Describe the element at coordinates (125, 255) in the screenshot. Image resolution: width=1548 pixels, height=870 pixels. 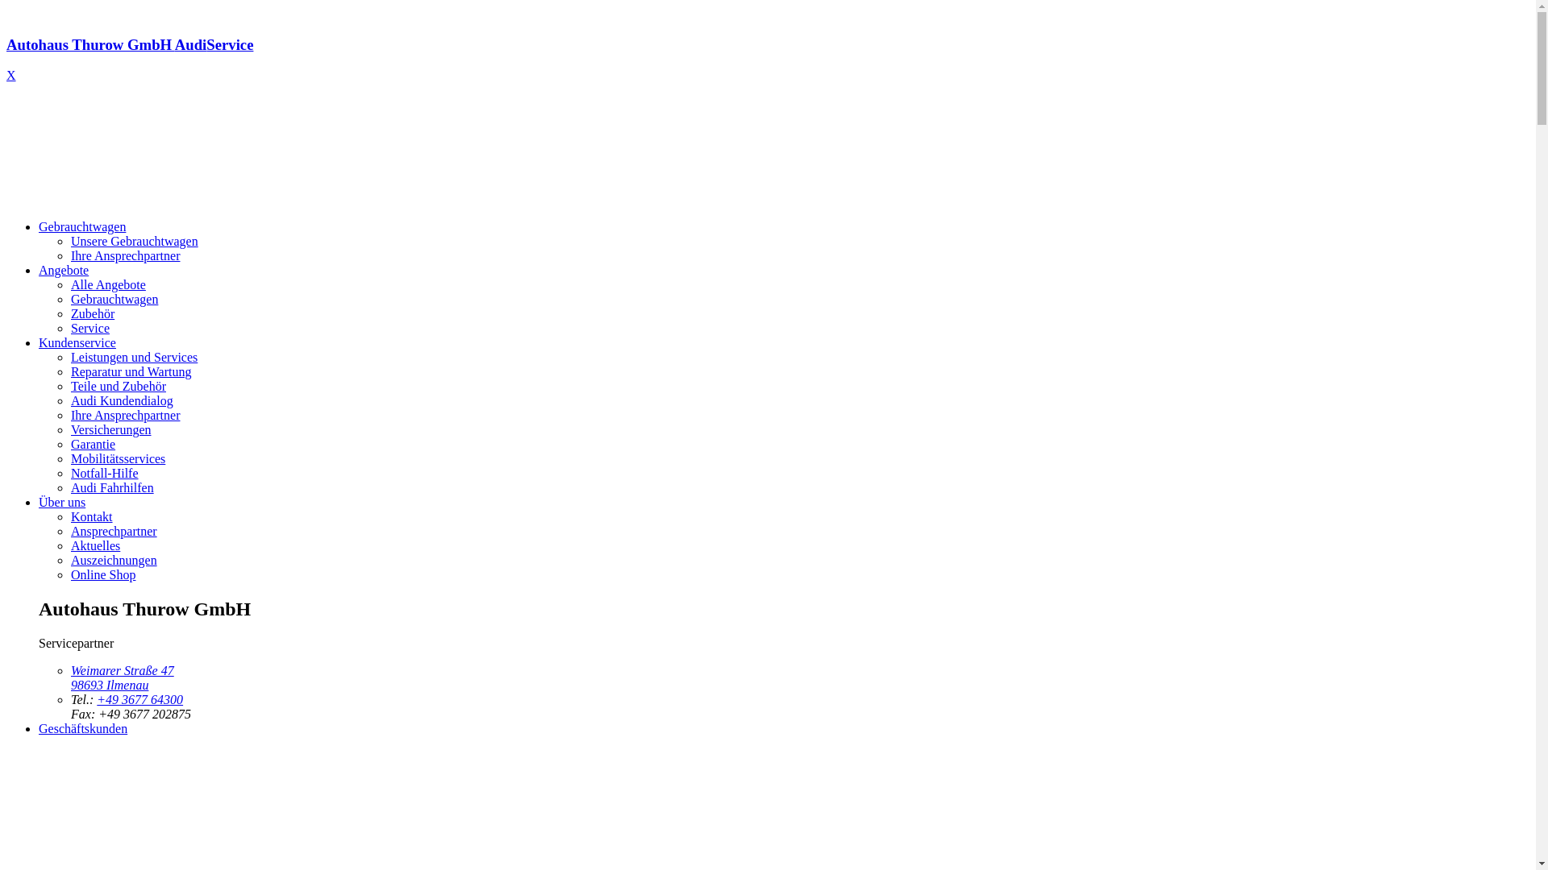
I see `'Ihre Ansprechpartner'` at that location.